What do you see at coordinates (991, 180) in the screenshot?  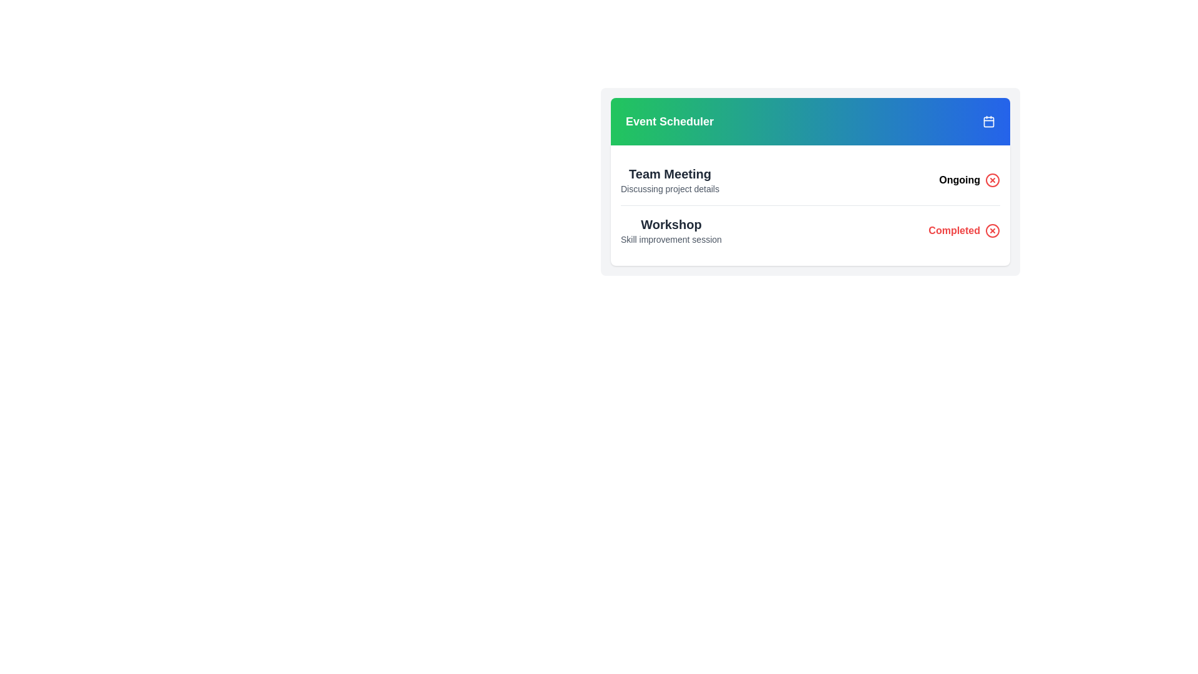 I see `the close button for the 'Ongoing' item` at bounding box center [991, 180].